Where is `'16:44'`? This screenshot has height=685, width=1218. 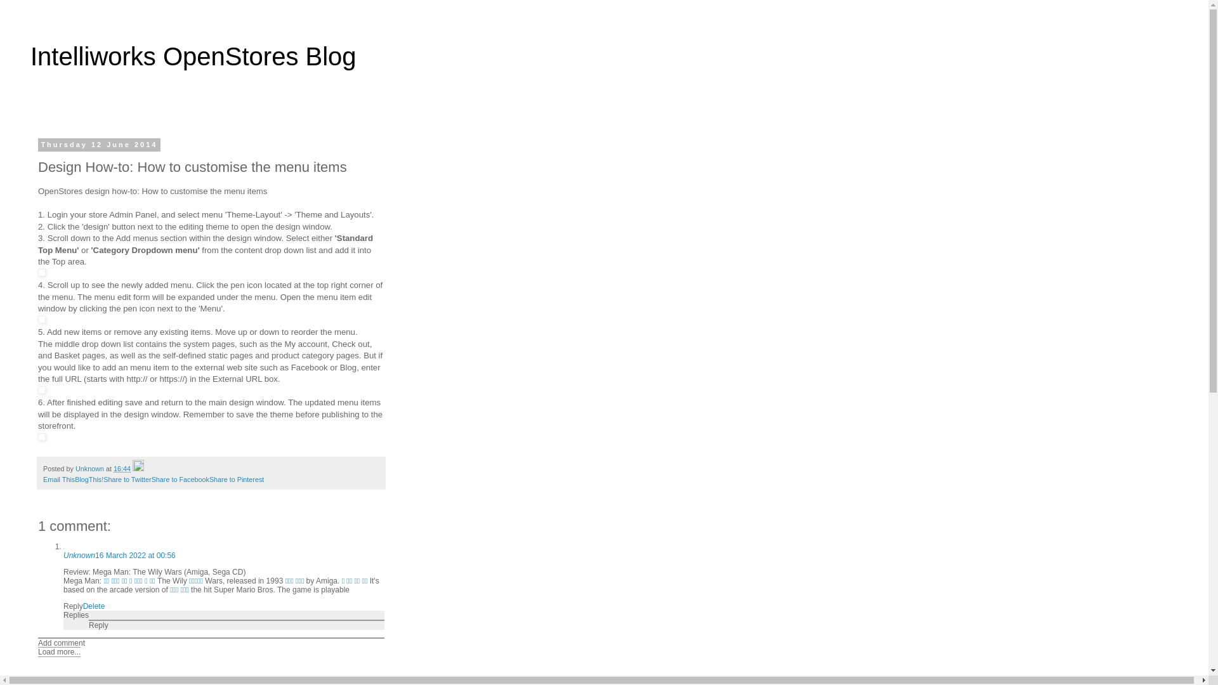
'16:44' is located at coordinates (122, 469).